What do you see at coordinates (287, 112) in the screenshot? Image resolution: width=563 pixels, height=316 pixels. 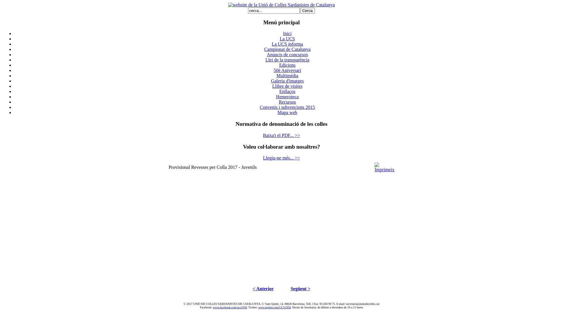 I see `'Mapa web'` at bounding box center [287, 112].